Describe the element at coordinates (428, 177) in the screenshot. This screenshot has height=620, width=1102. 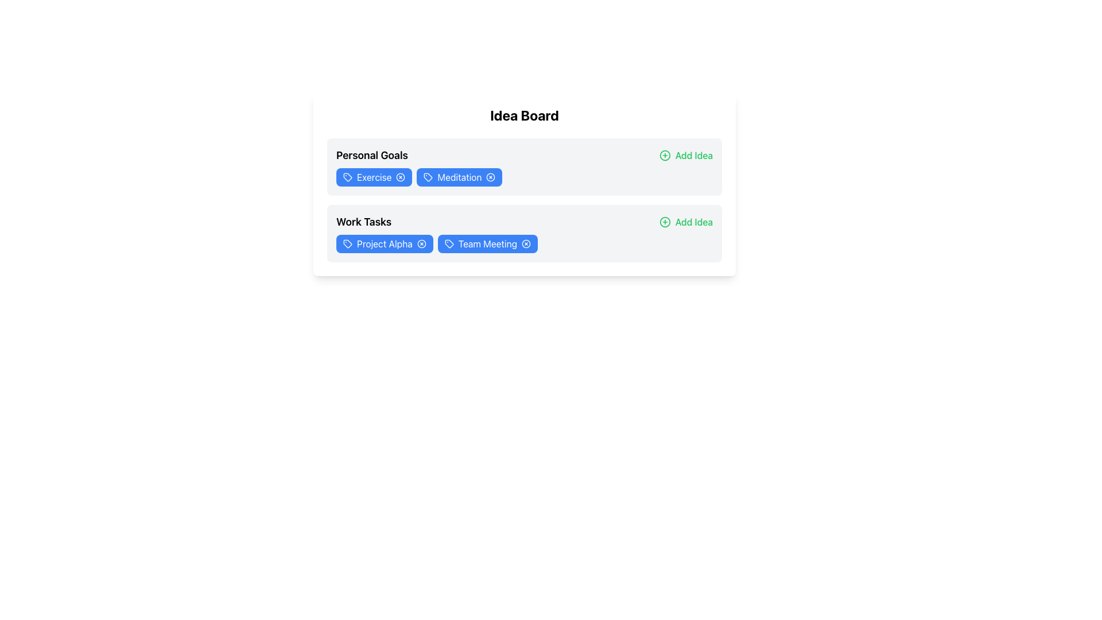
I see `the blue tag icon within the 'Meditation' button, which is the second element in the 'Personal Goals' section` at that location.